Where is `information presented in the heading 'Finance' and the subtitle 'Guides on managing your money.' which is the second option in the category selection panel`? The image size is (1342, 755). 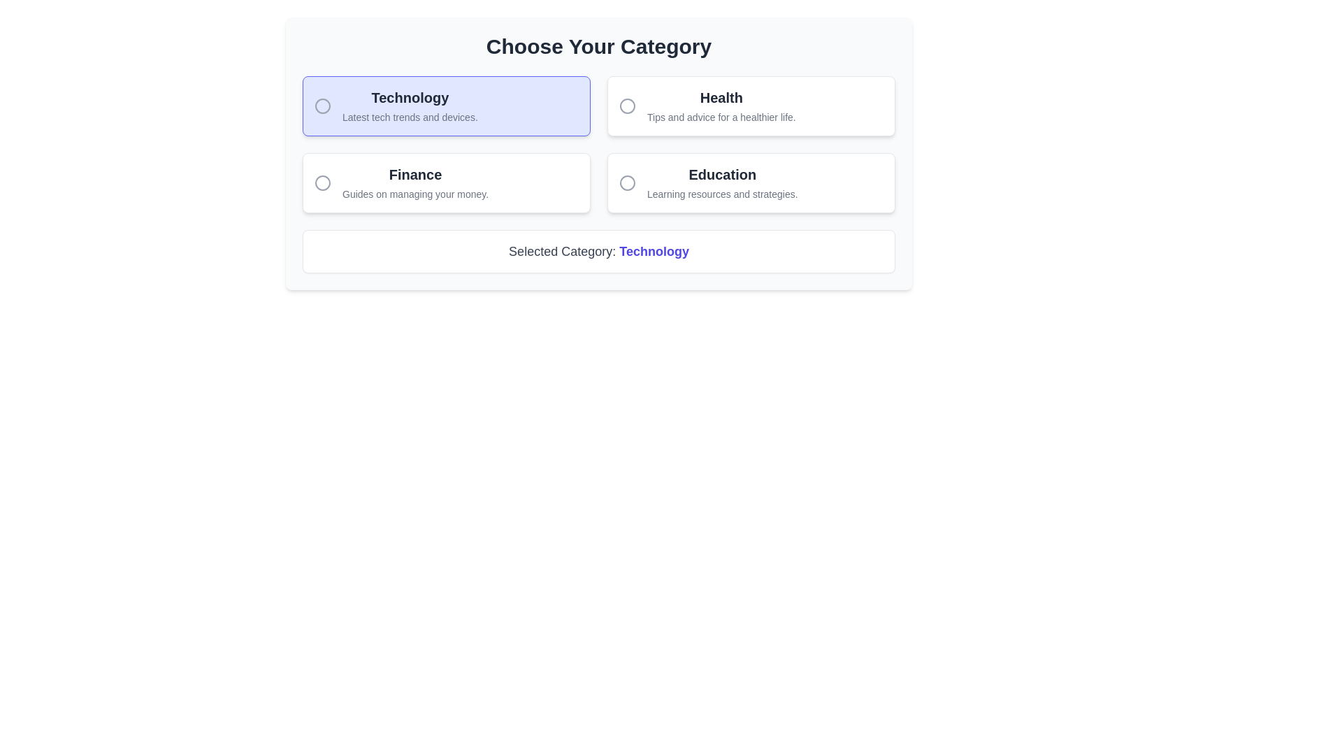 information presented in the heading 'Finance' and the subtitle 'Guides on managing your money.' which is the second option in the category selection panel is located at coordinates (414, 182).